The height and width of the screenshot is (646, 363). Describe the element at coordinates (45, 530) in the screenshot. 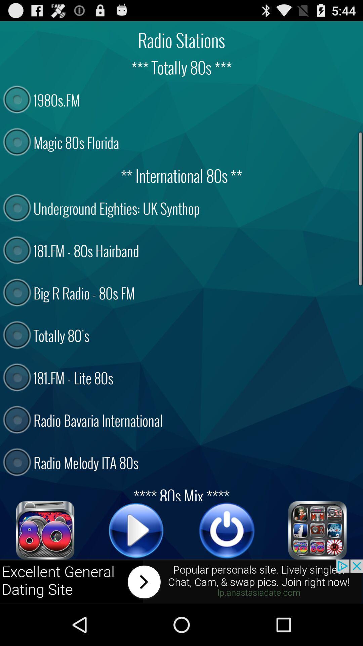

I see `top 80s` at that location.